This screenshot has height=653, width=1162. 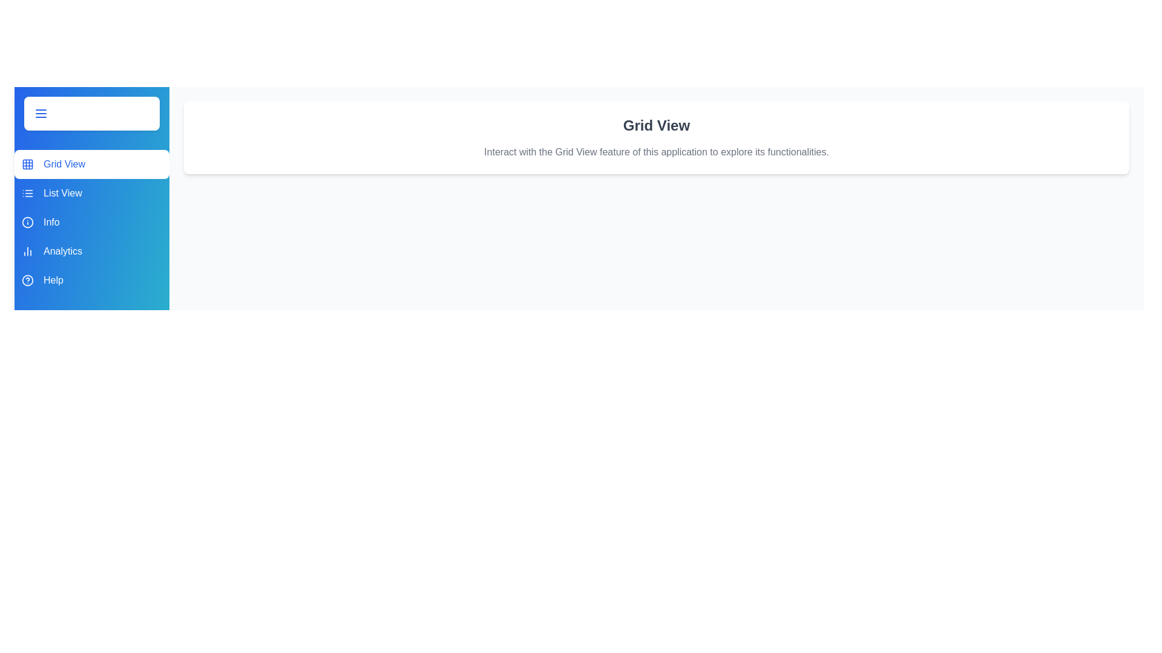 I want to click on the sidebar menu item labeled List View, so click(x=91, y=193).